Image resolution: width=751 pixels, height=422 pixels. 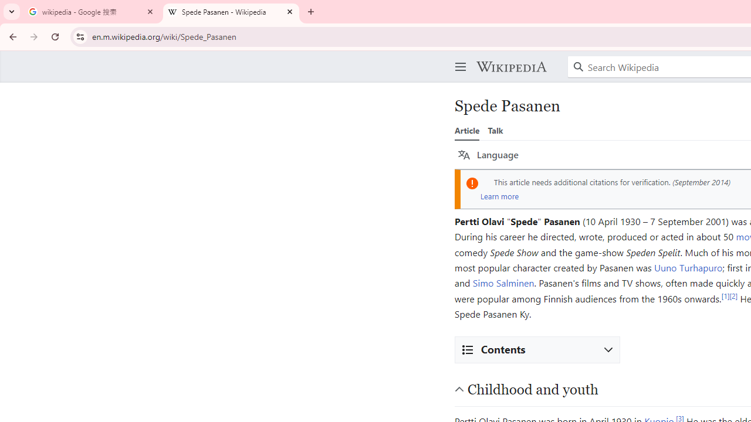 I want to click on 'verification', so click(x=649, y=182).